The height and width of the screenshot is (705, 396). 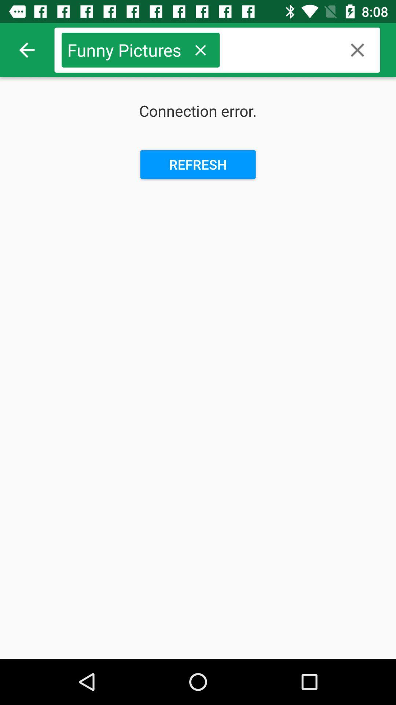 What do you see at coordinates (198, 164) in the screenshot?
I see `refresh icon` at bounding box center [198, 164].